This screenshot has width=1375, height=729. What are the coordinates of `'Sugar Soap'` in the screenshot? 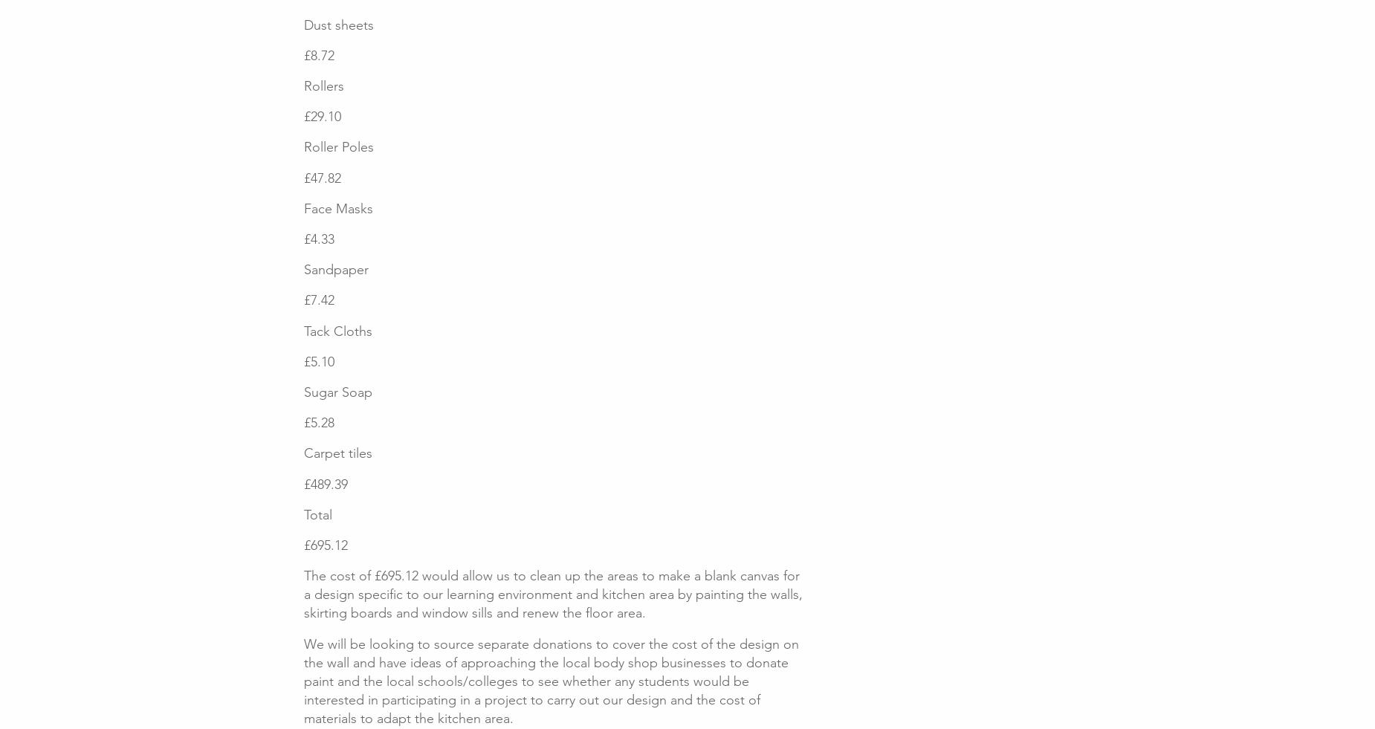 It's located at (337, 391).